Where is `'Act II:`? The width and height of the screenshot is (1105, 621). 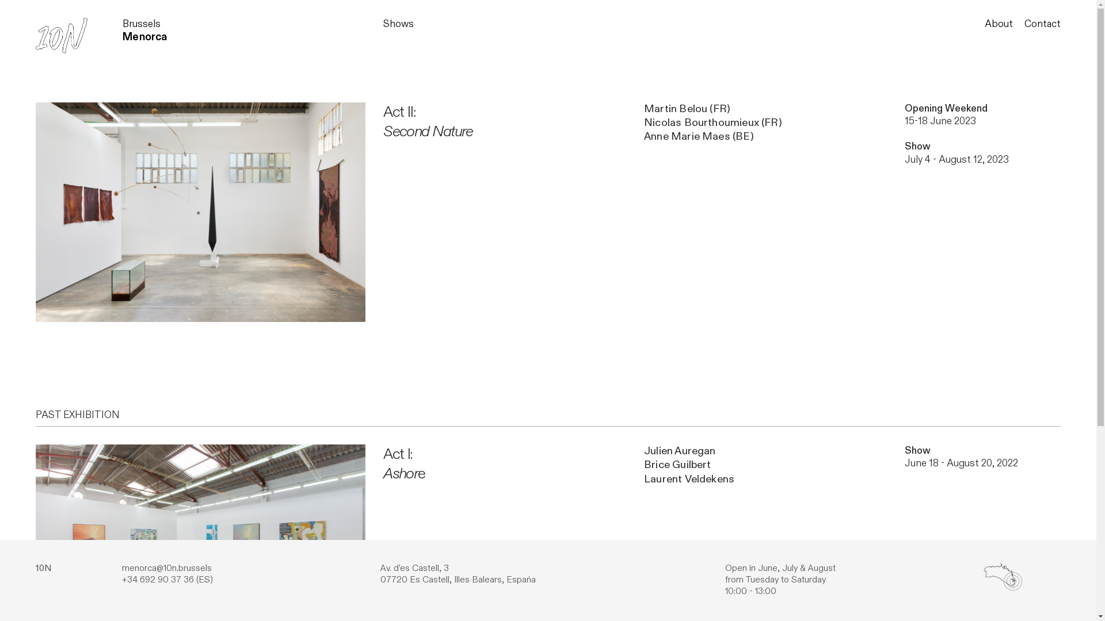
'Act II: is located at coordinates (428, 121).